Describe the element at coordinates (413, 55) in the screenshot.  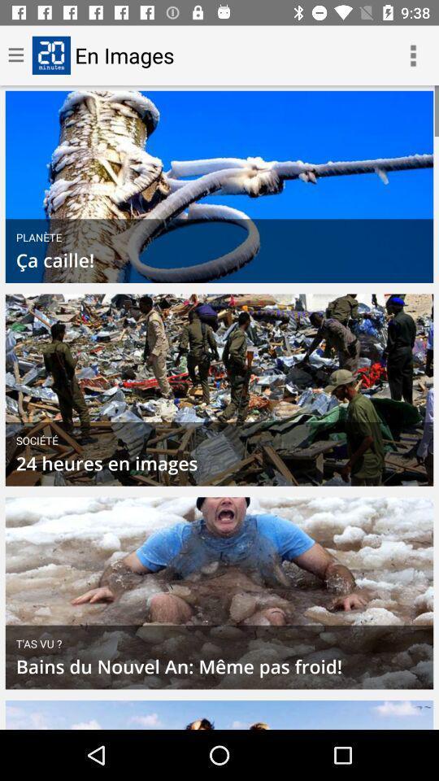
I see `app next to en images icon` at that location.